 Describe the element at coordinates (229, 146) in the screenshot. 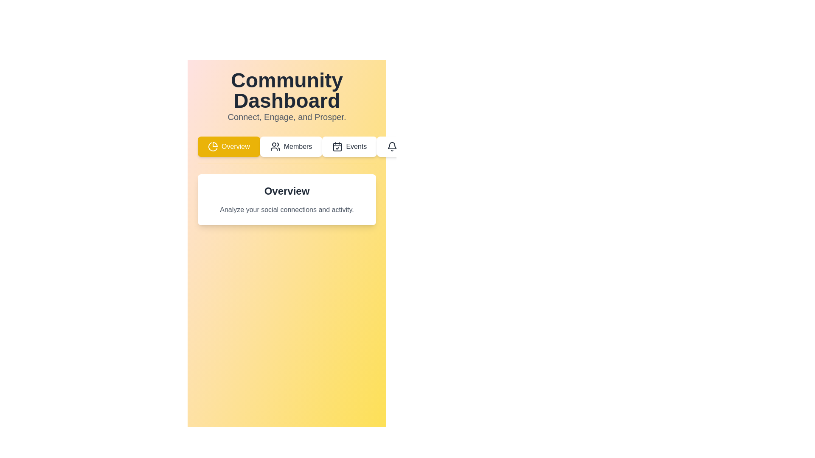

I see `the Overview tab in the navigation menu` at that location.